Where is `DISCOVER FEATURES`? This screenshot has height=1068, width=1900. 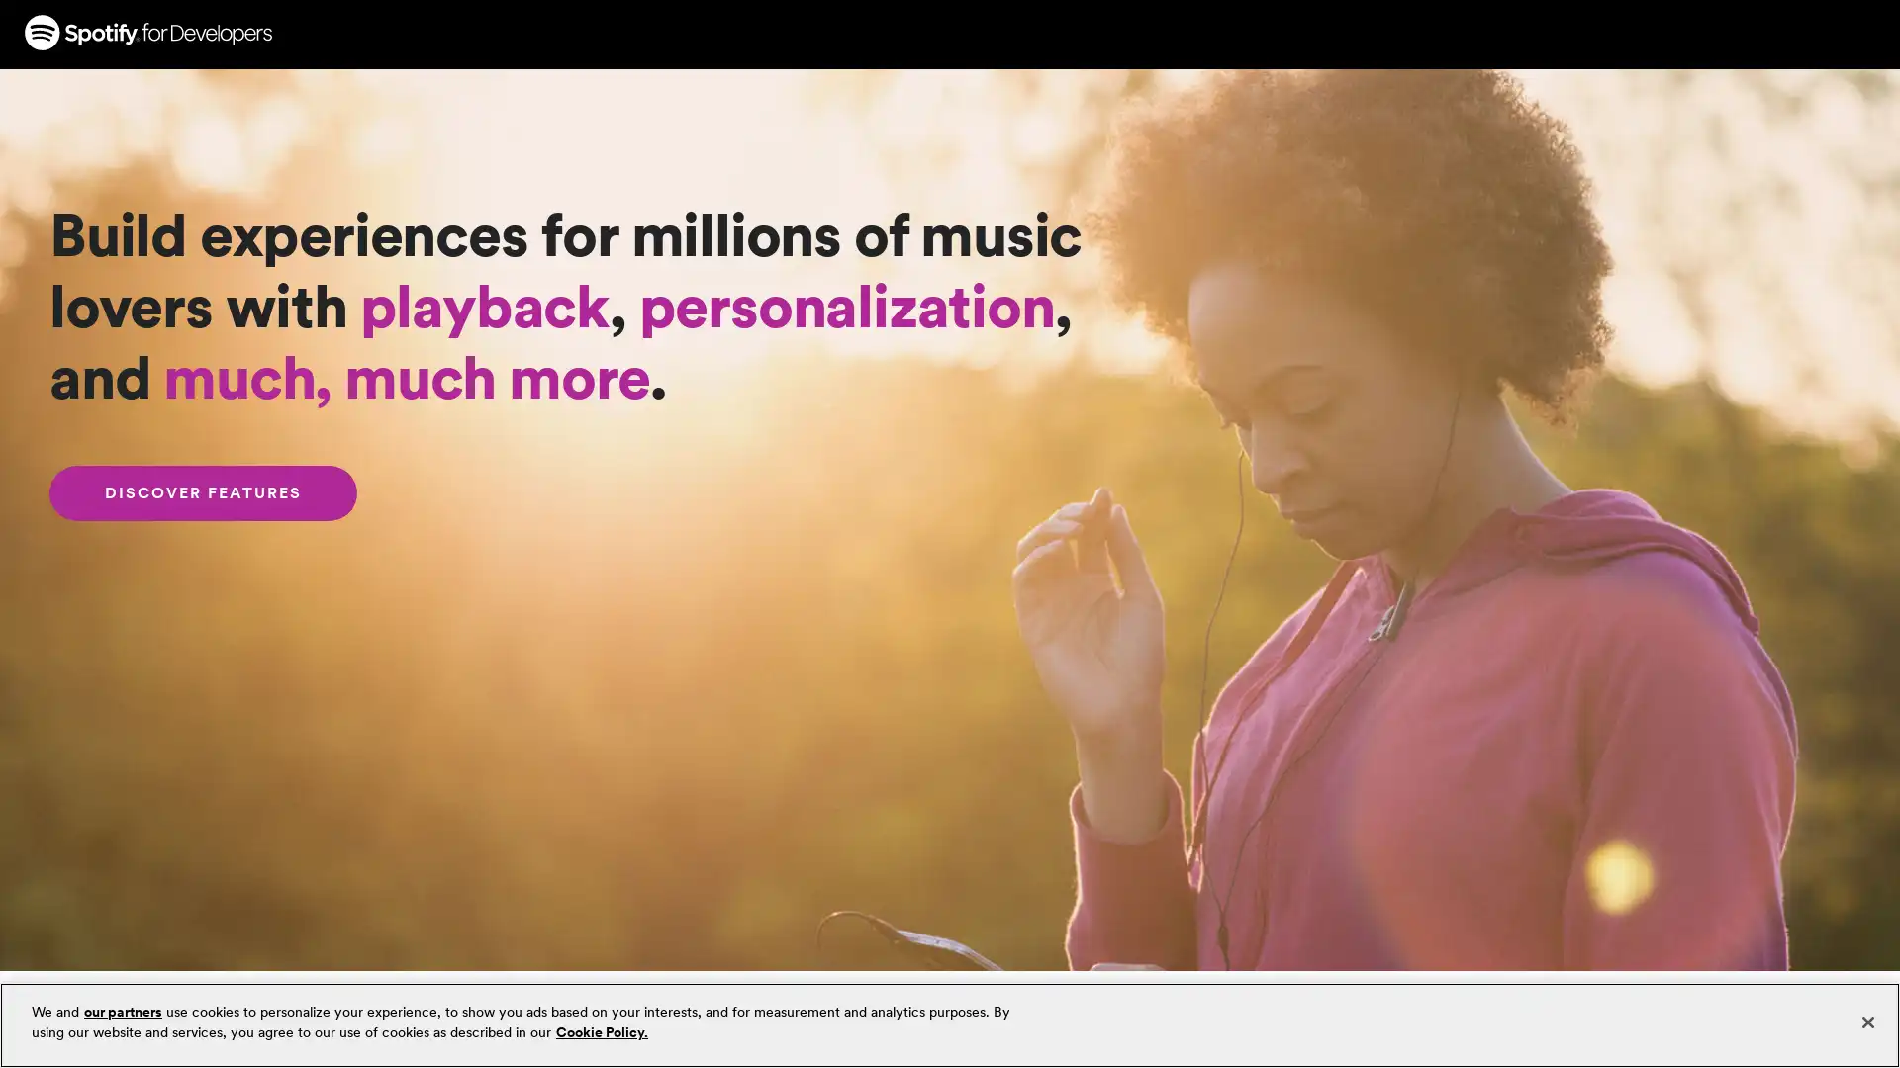 DISCOVER FEATURES is located at coordinates (203, 493).